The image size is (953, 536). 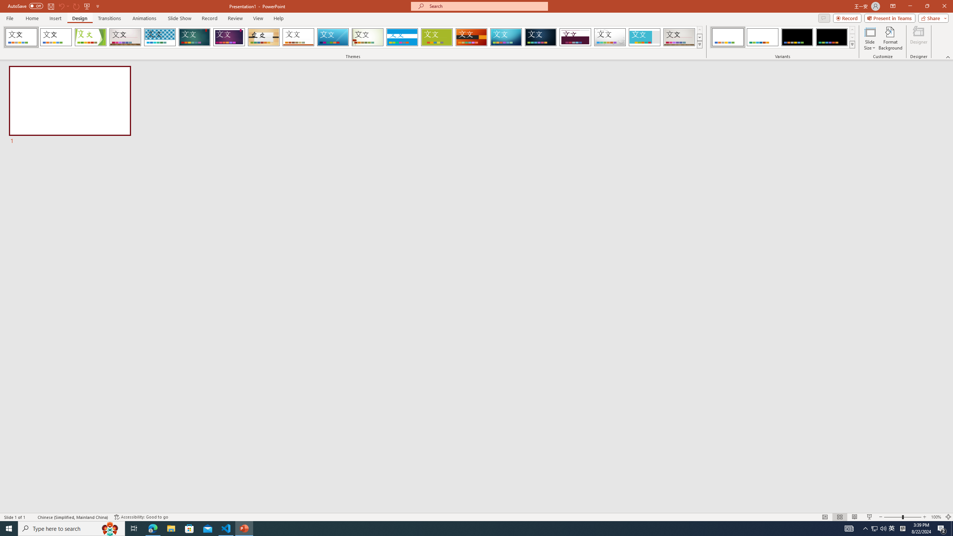 What do you see at coordinates (936, 517) in the screenshot?
I see `'Zoom 100%'` at bounding box center [936, 517].